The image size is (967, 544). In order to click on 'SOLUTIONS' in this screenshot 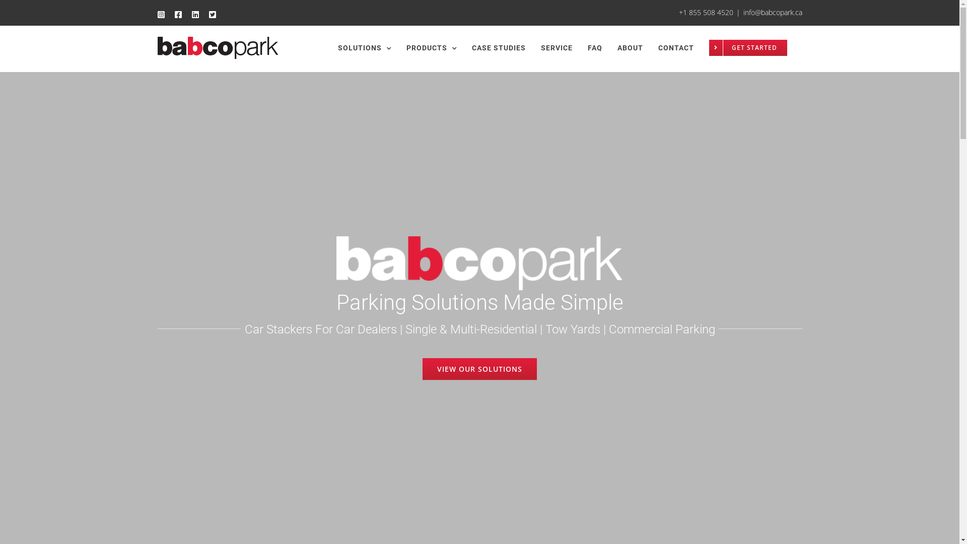, I will do `click(364, 48)`.